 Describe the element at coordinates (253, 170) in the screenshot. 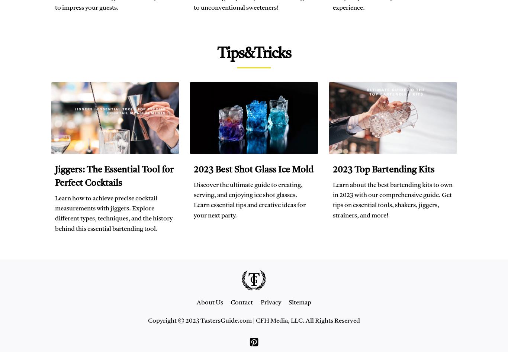

I see `'2023 Best Shot Glass Ice Mold'` at that location.